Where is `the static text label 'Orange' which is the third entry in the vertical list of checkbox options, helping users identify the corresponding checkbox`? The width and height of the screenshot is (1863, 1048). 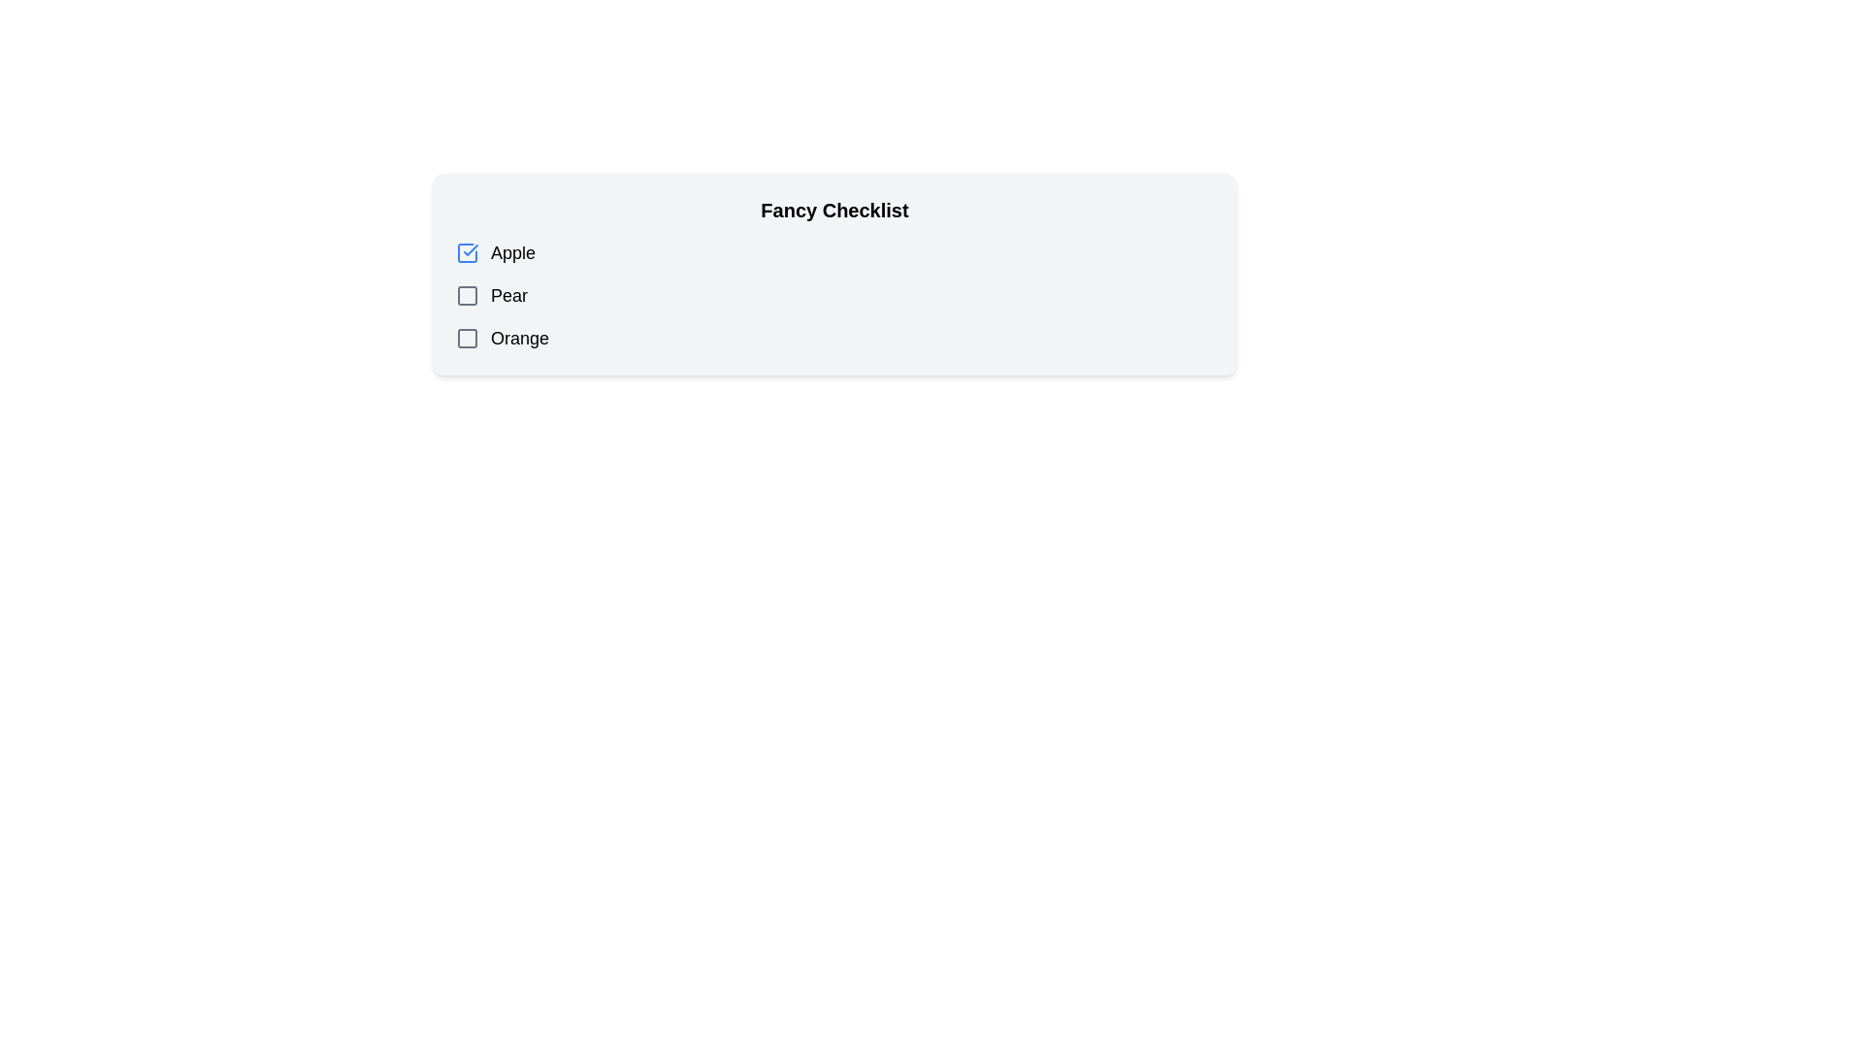 the static text label 'Orange' which is the third entry in the vertical list of checkbox options, helping users identify the corresponding checkbox is located at coordinates (520, 337).